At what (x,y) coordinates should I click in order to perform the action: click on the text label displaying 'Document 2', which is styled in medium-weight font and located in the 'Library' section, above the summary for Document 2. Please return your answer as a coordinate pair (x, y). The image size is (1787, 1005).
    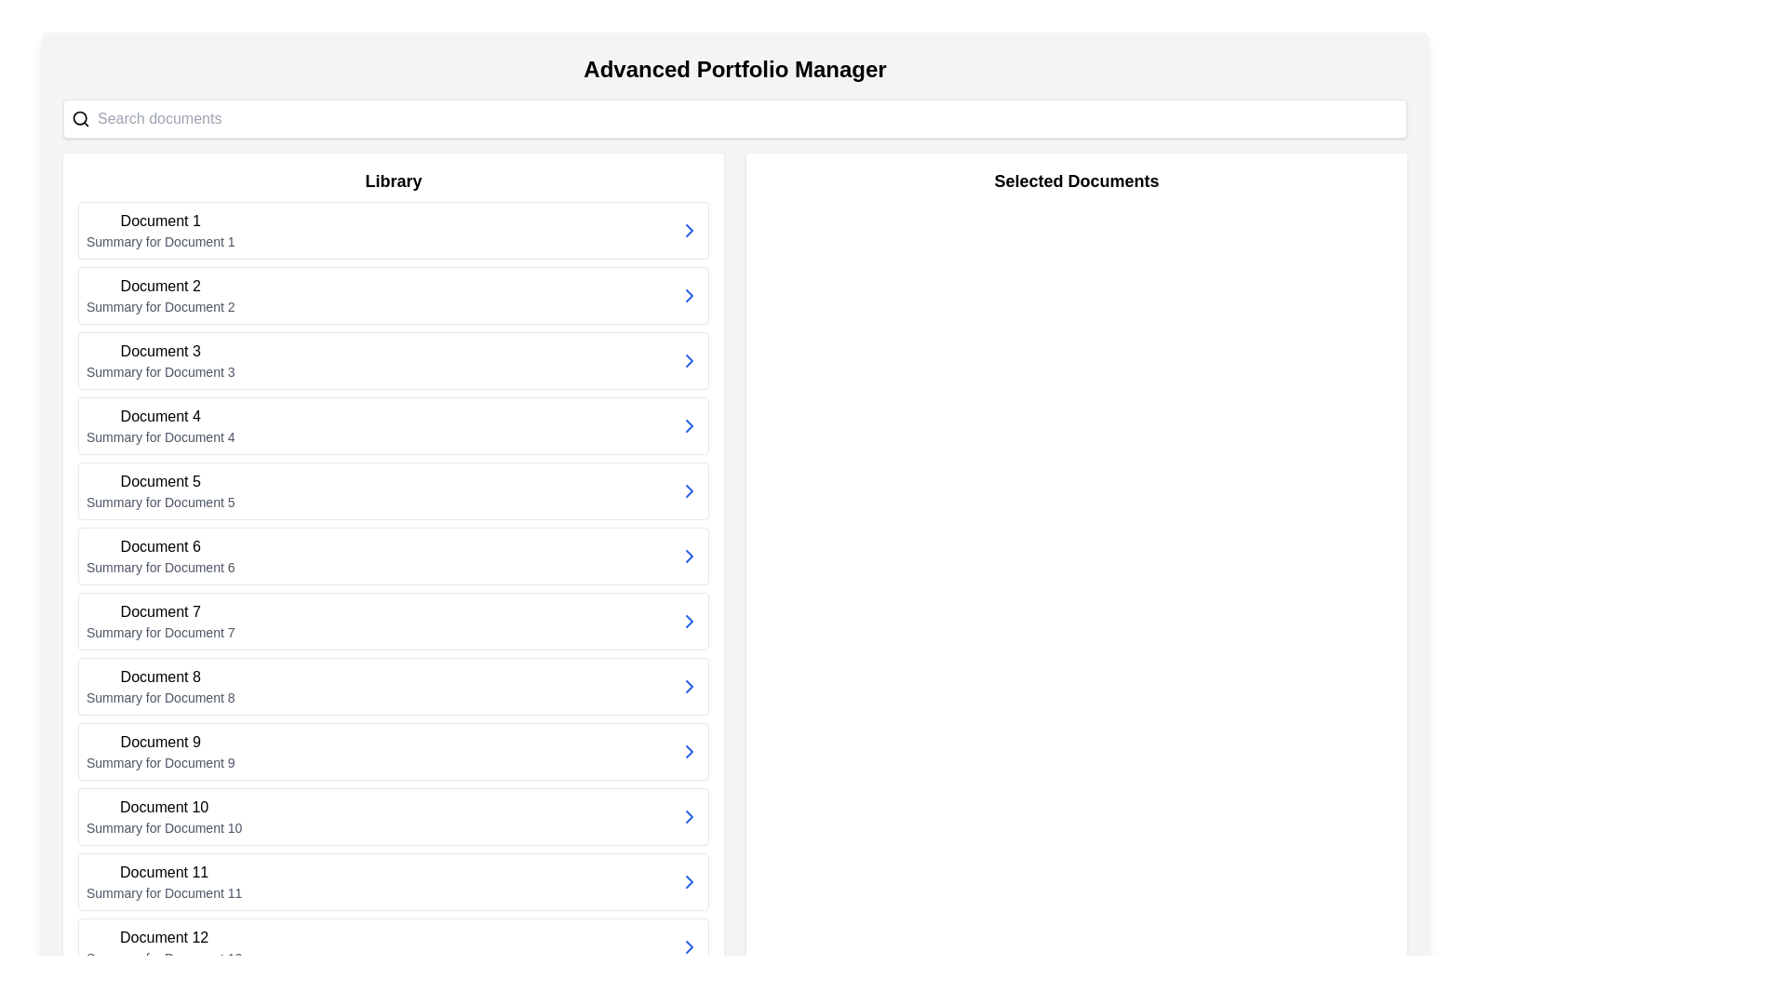
    Looking at the image, I should click on (160, 287).